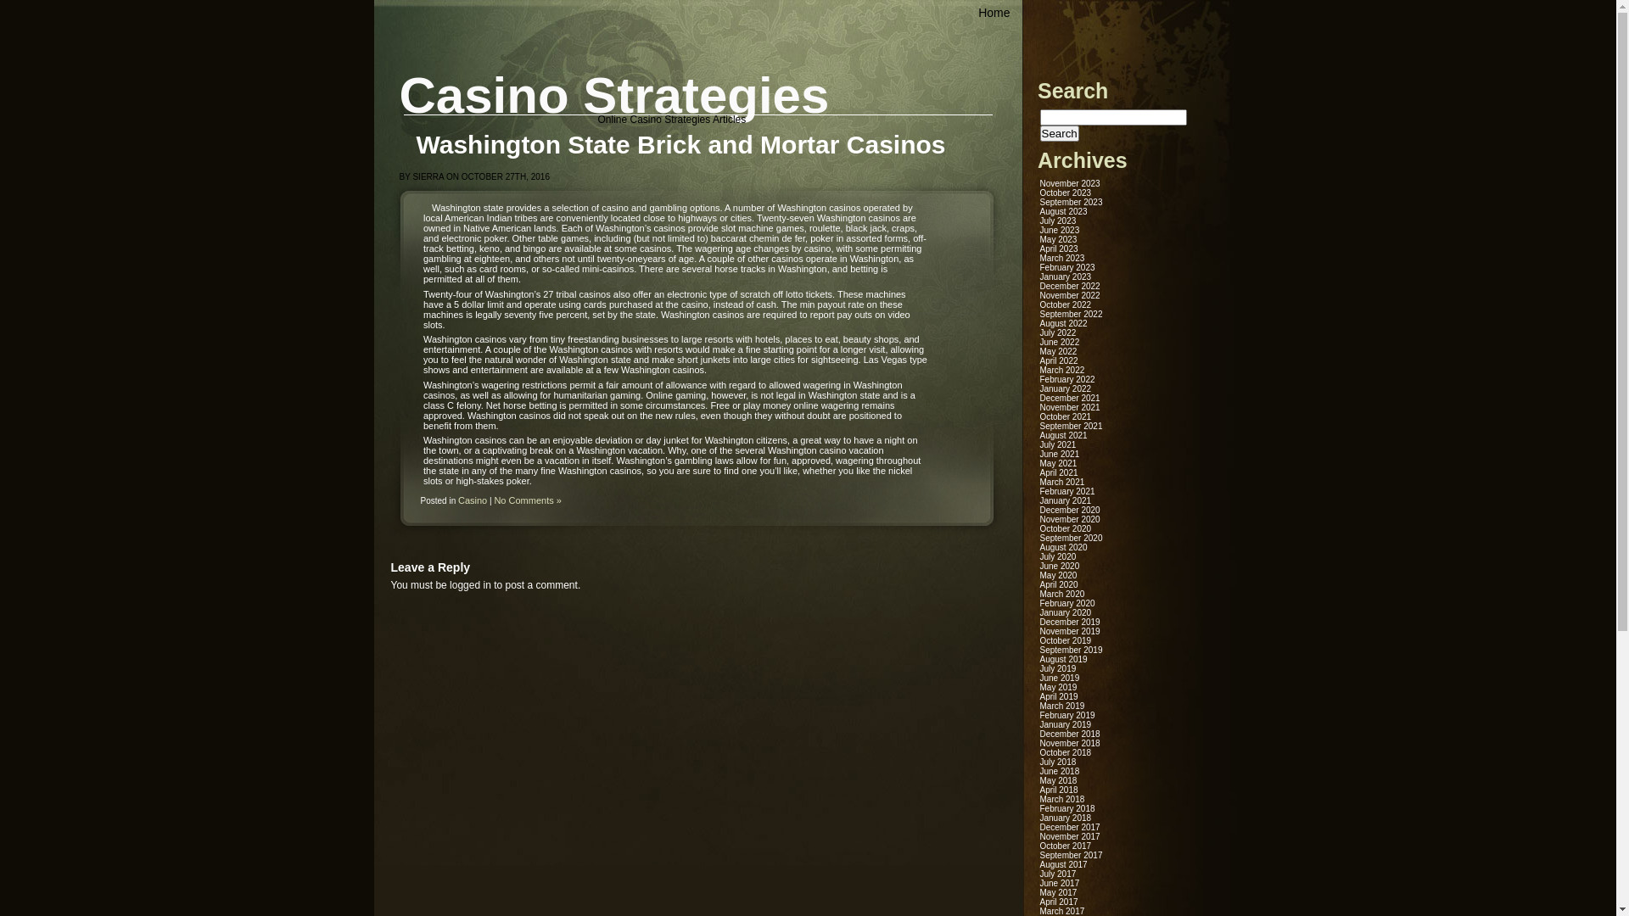 Image resolution: width=1629 pixels, height=916 pixels. What do you see at coordinates (1058, 780) in the screenshot?
I see `'May 2018'` at bounding box center [1058, 780].